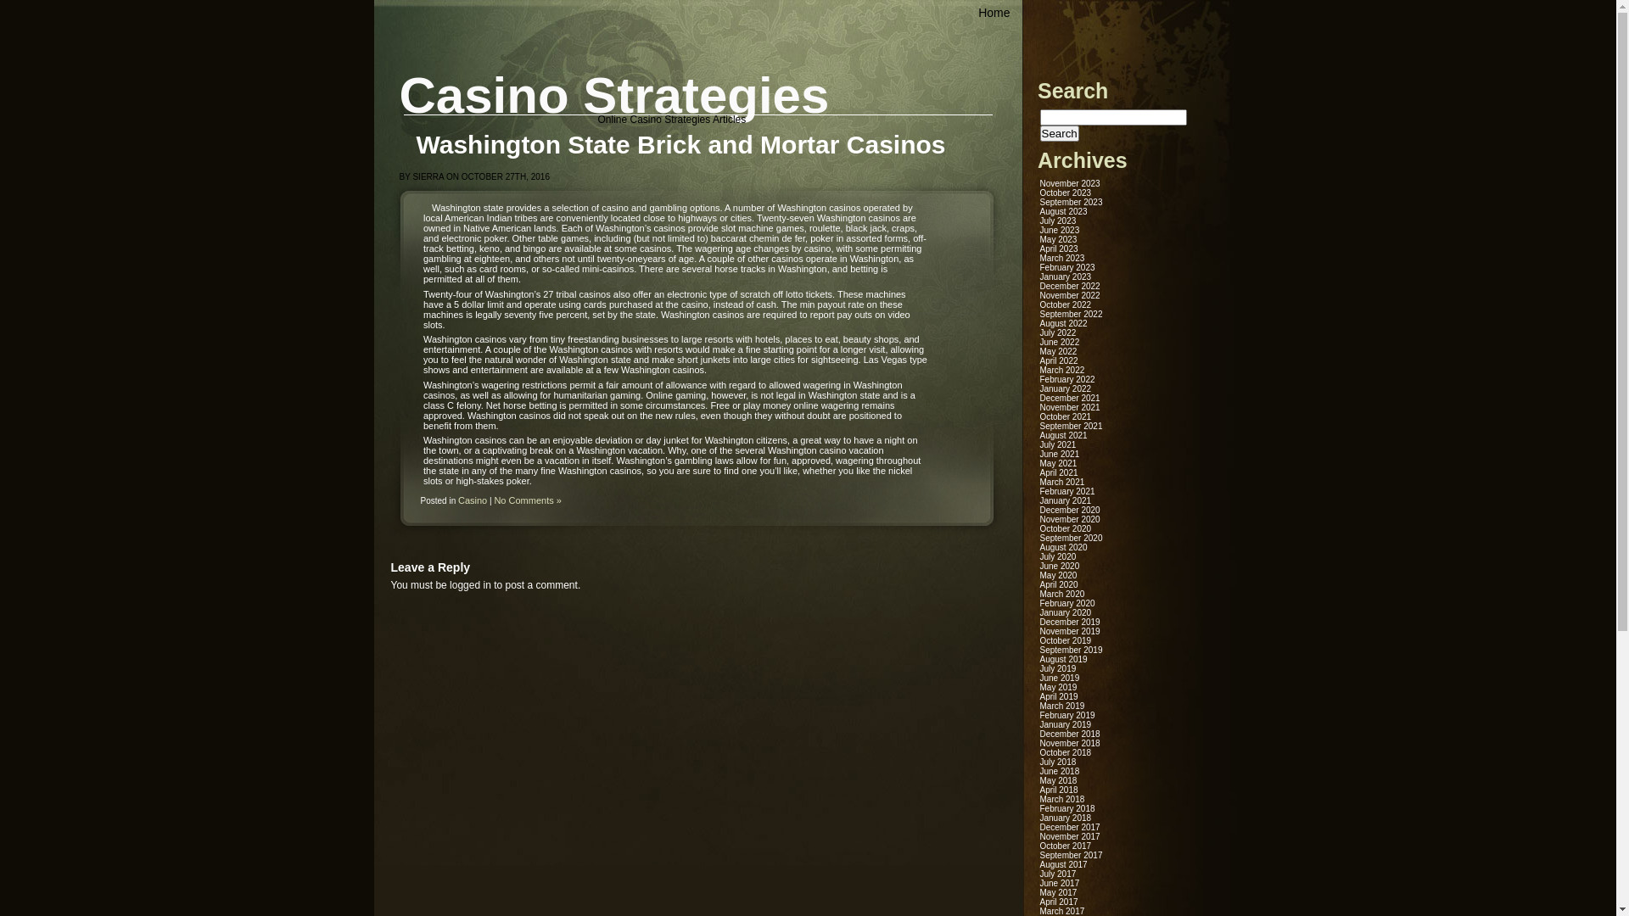 Image resolution: width=1629 pixels, height=916 pixels. What do you see at coordinates (1058, 780) in the screenshot?
I see `'May 2018'` at bounding box center [1058, 780].